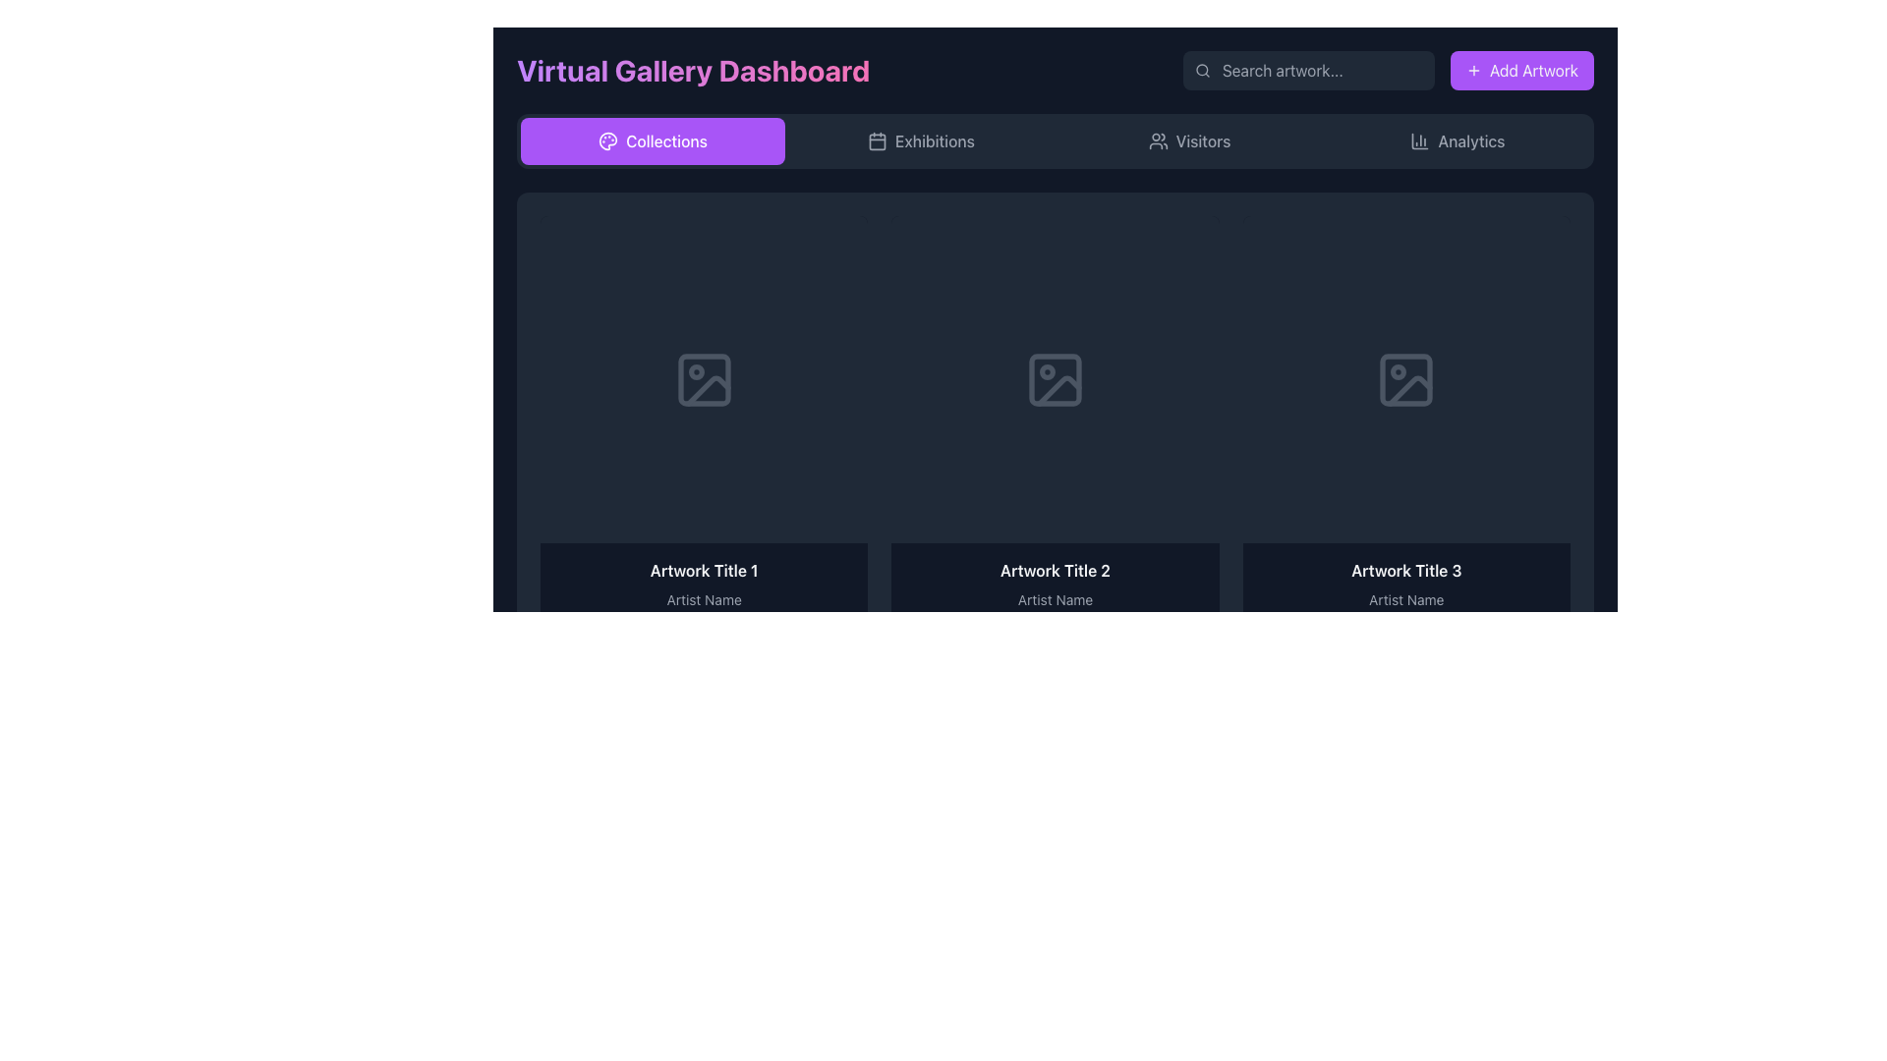 The height and width of the screenshot is (1061, 1887). Describe the element at coordinates (920, 140) in the screenshot. I see `the 'Exhibitions' navigation button with a calendar icon` at that location.